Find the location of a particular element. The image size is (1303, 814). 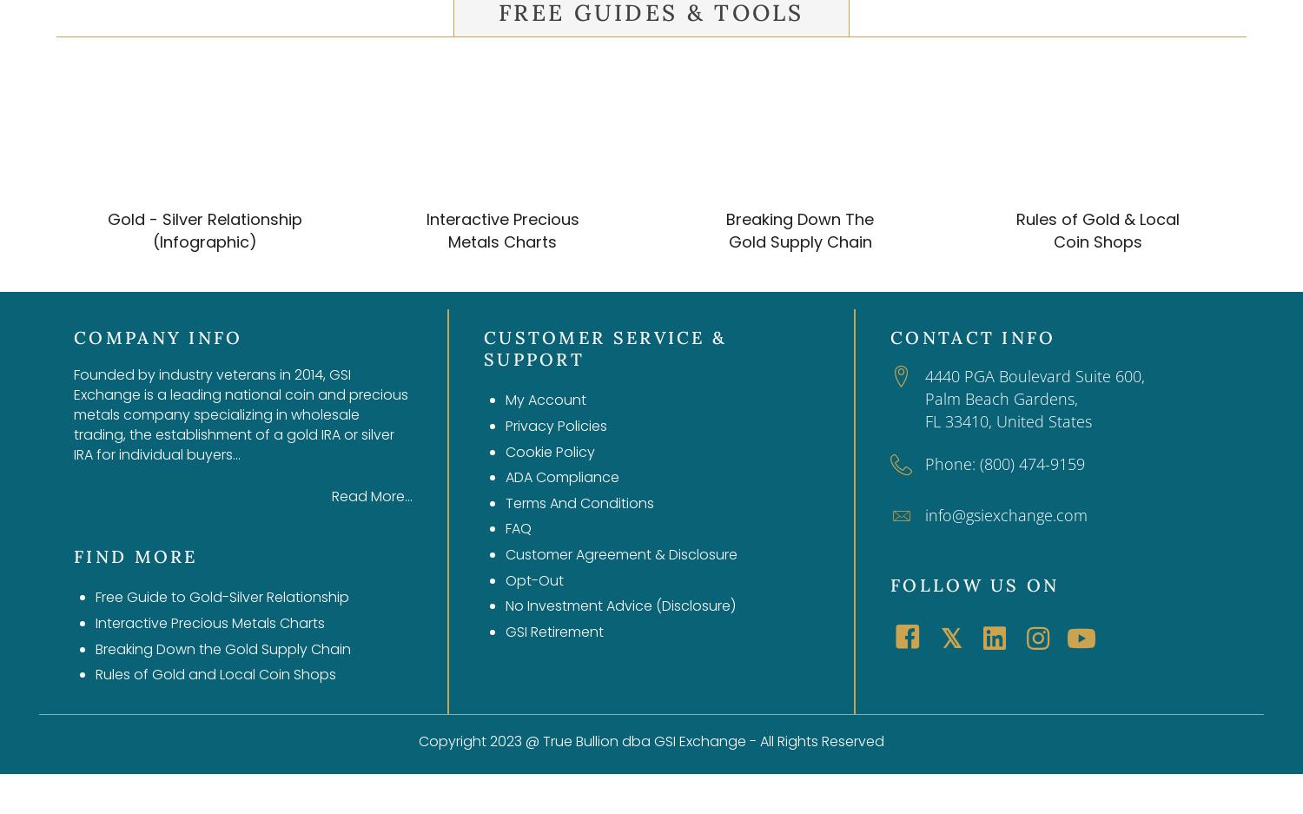

'Breaking Down the Gold Supply Chain' is located at coordinates (222, 647).